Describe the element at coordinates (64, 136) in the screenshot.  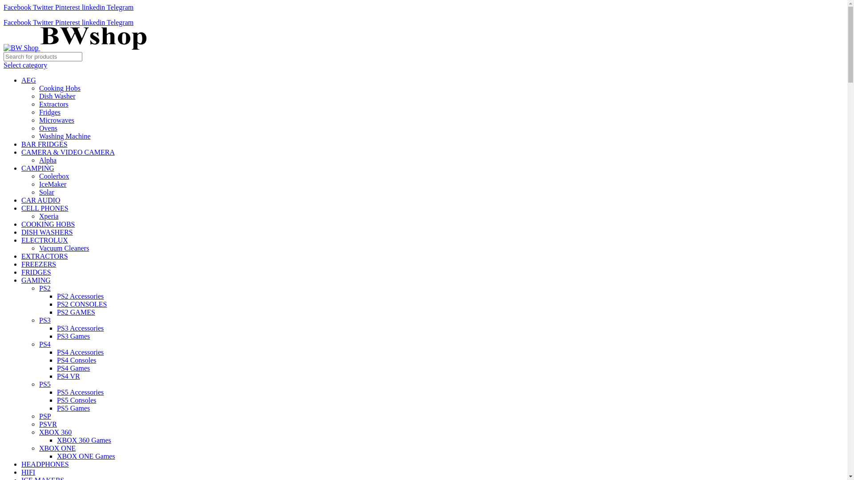
I see `'Washing Machine'` at that location.